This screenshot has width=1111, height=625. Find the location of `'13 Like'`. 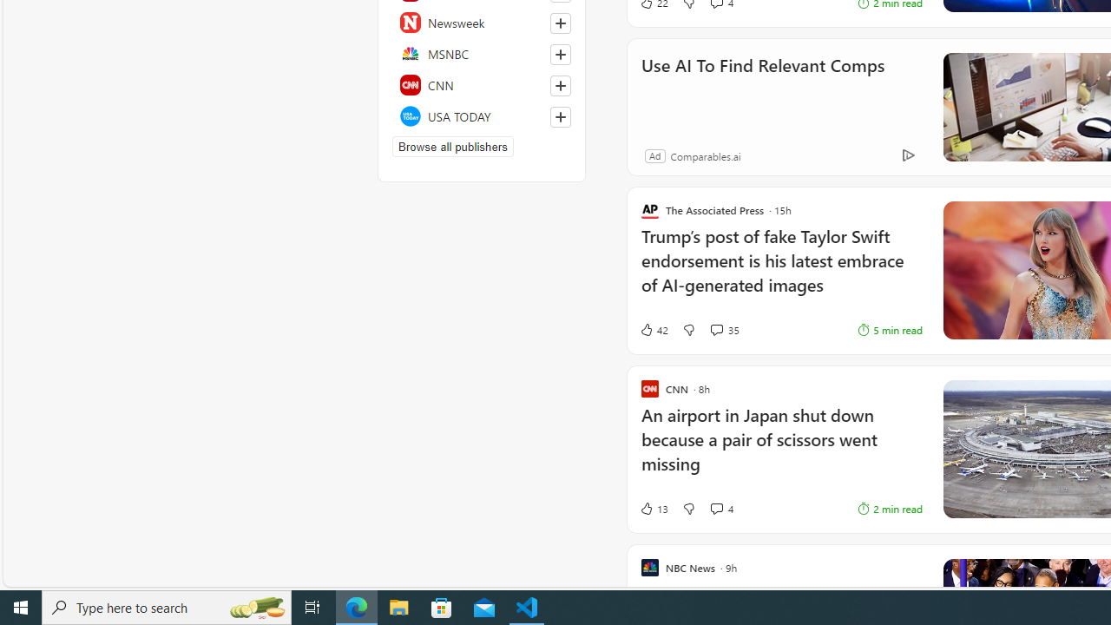

'13 Like' is located at coordinates (653, 508).